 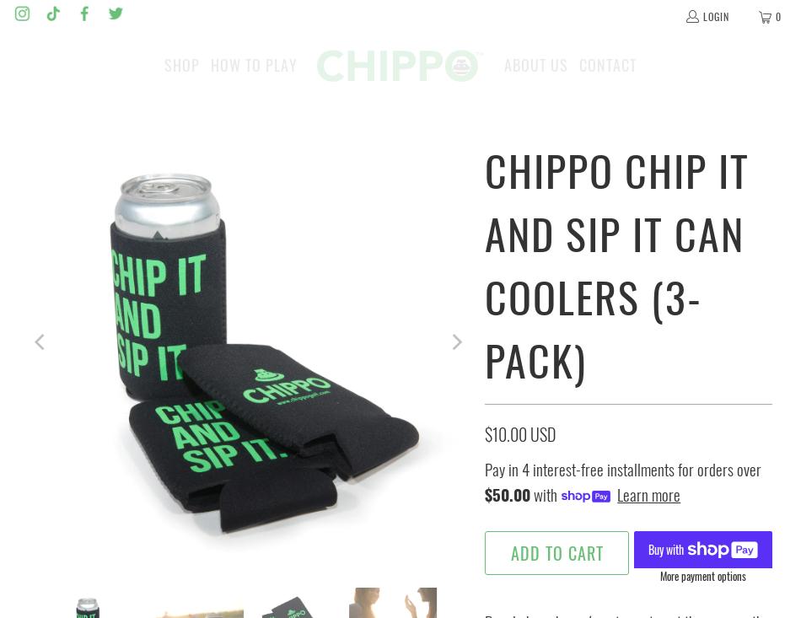 I want to click on 'Chippo CHIP IT AND SIP IT can coolers (3-pack)', so click(x=485, y=263).